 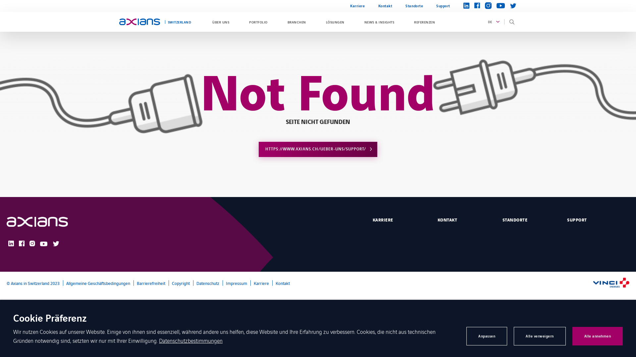 I want to click on 'REFERENZEN', so click(x=424, y=21).